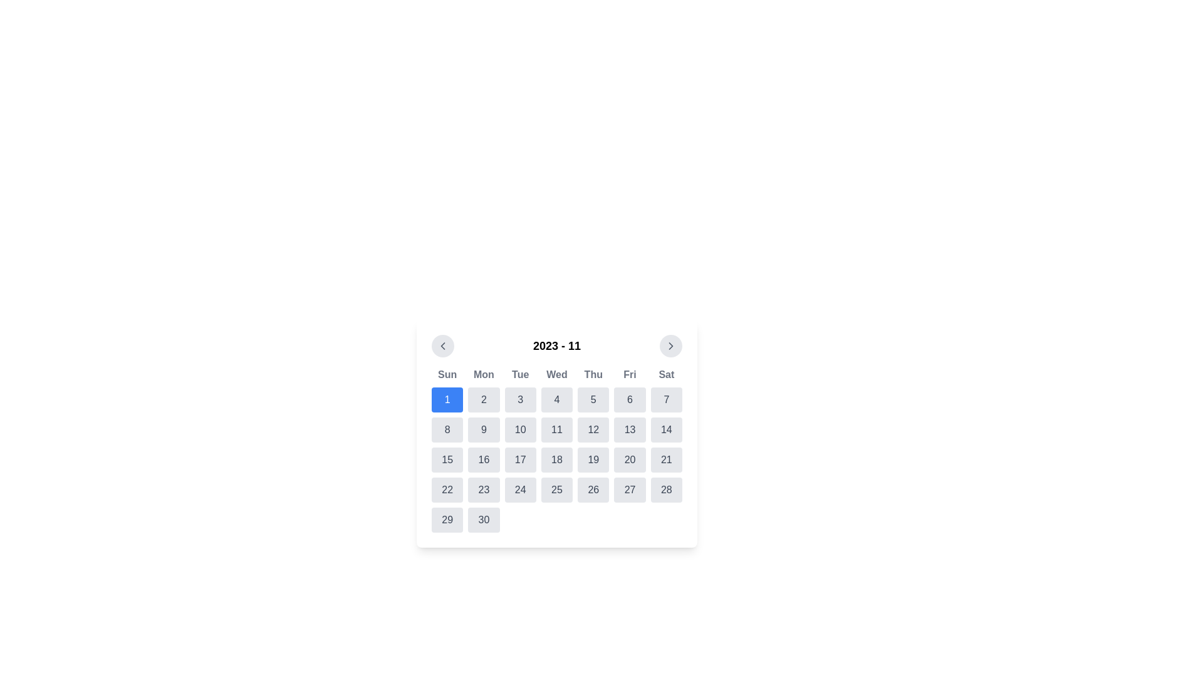 This screenshot has height=676, width=1203. I want to click on the square button labeled '9' with rounded corners and a light gray background, so click(483, 429).